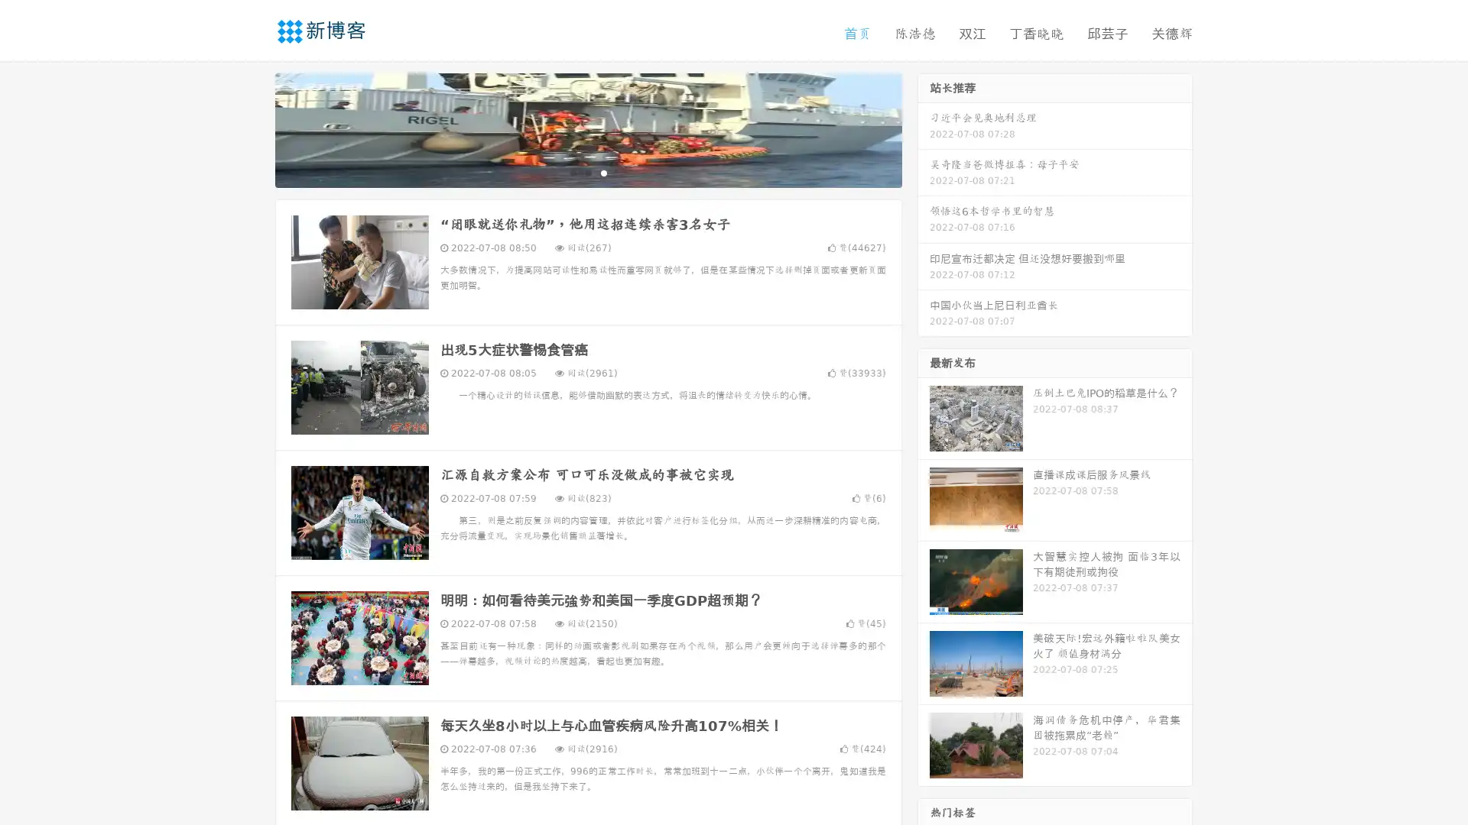 This screenshot has height=825, width=1468. Describe the element at coordinates (252, 128) in the screenshot. I see `Previous slide` at that location.